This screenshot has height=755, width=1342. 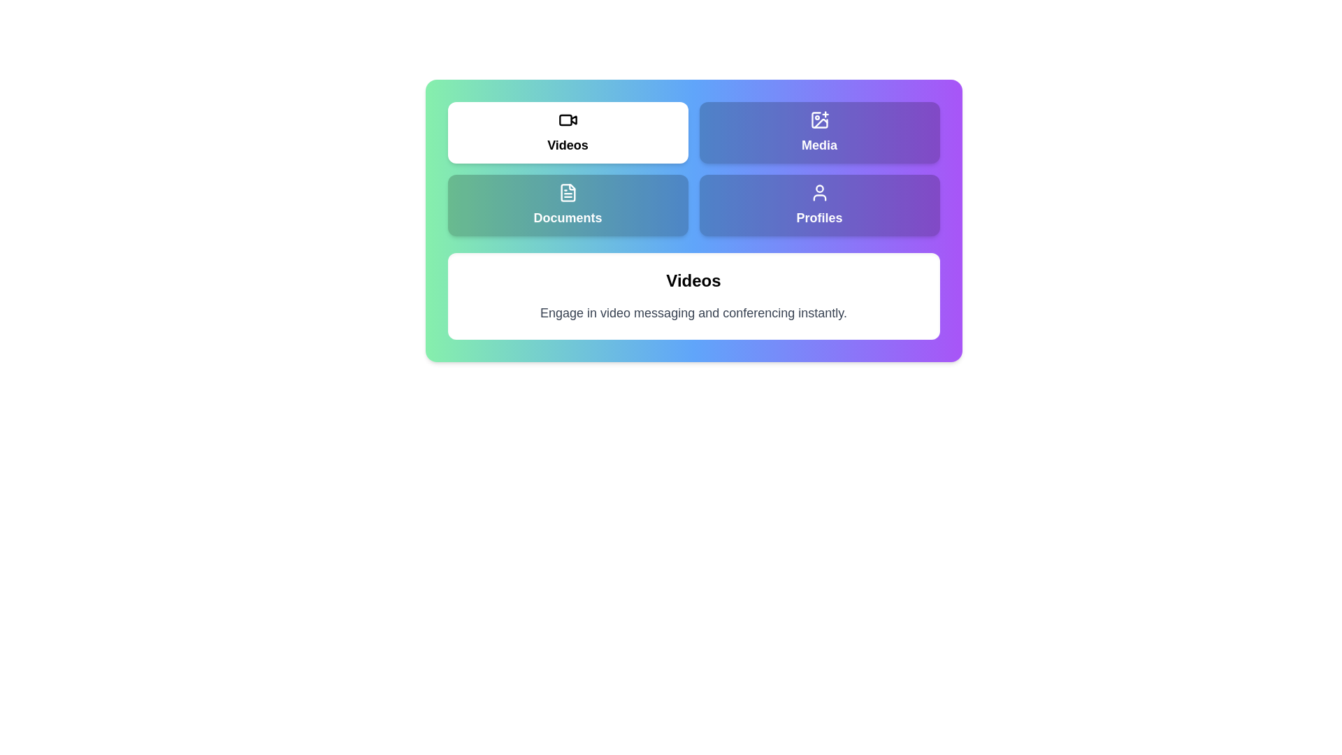 I want to click on the Profiles tab to view its content, so click(x=819, y=205).